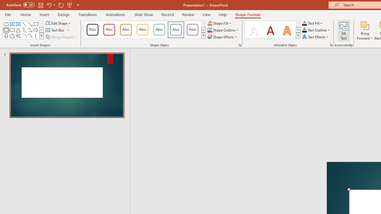 Image resolution: width=381 pixels, height=214 pixels. What do you see at coordinates (142, 30) in the screenshot?
I see `'Colored Outline - Gold, Accent 3'` at bounding box center [142, 30].